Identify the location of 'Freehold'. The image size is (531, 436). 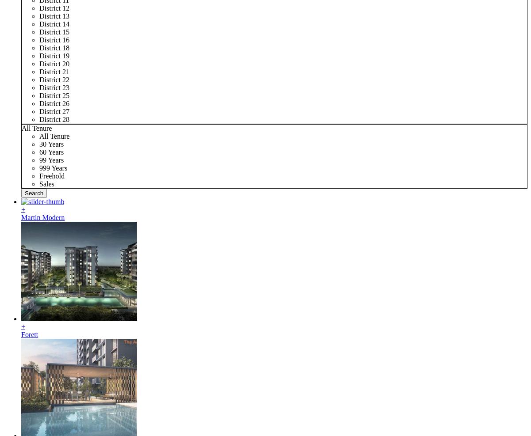
(39, 176).